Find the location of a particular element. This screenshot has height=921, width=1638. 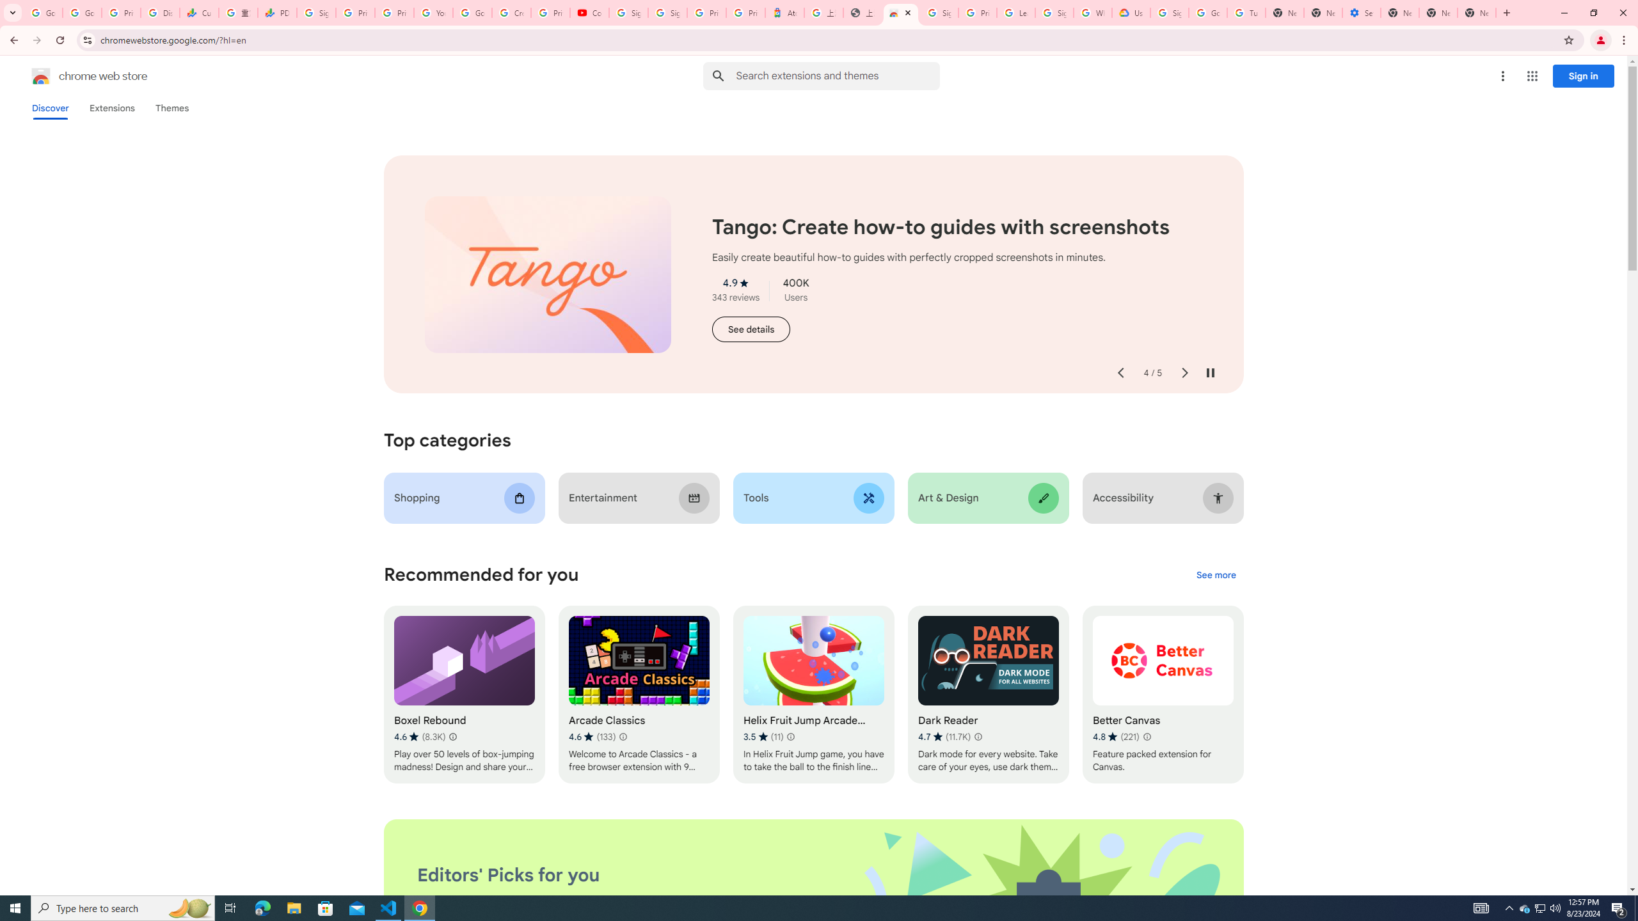

'New Tab' is located at coordinates (1399, 12).